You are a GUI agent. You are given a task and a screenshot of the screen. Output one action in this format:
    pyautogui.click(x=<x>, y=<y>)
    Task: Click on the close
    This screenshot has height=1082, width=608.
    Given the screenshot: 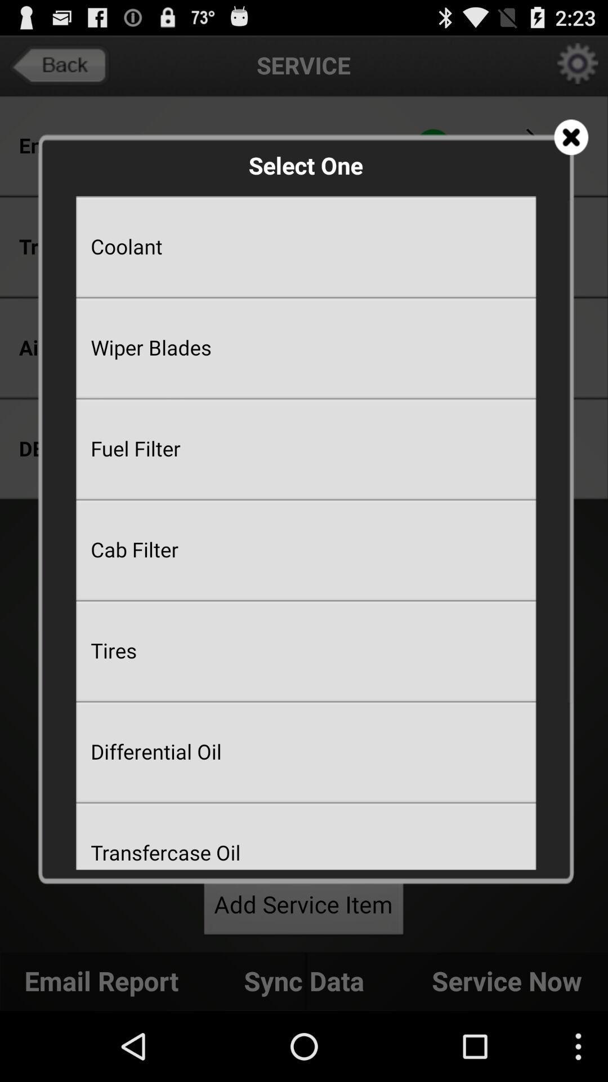 What is the action you would take?
    pyautogui.click(x=571, y=136)
    